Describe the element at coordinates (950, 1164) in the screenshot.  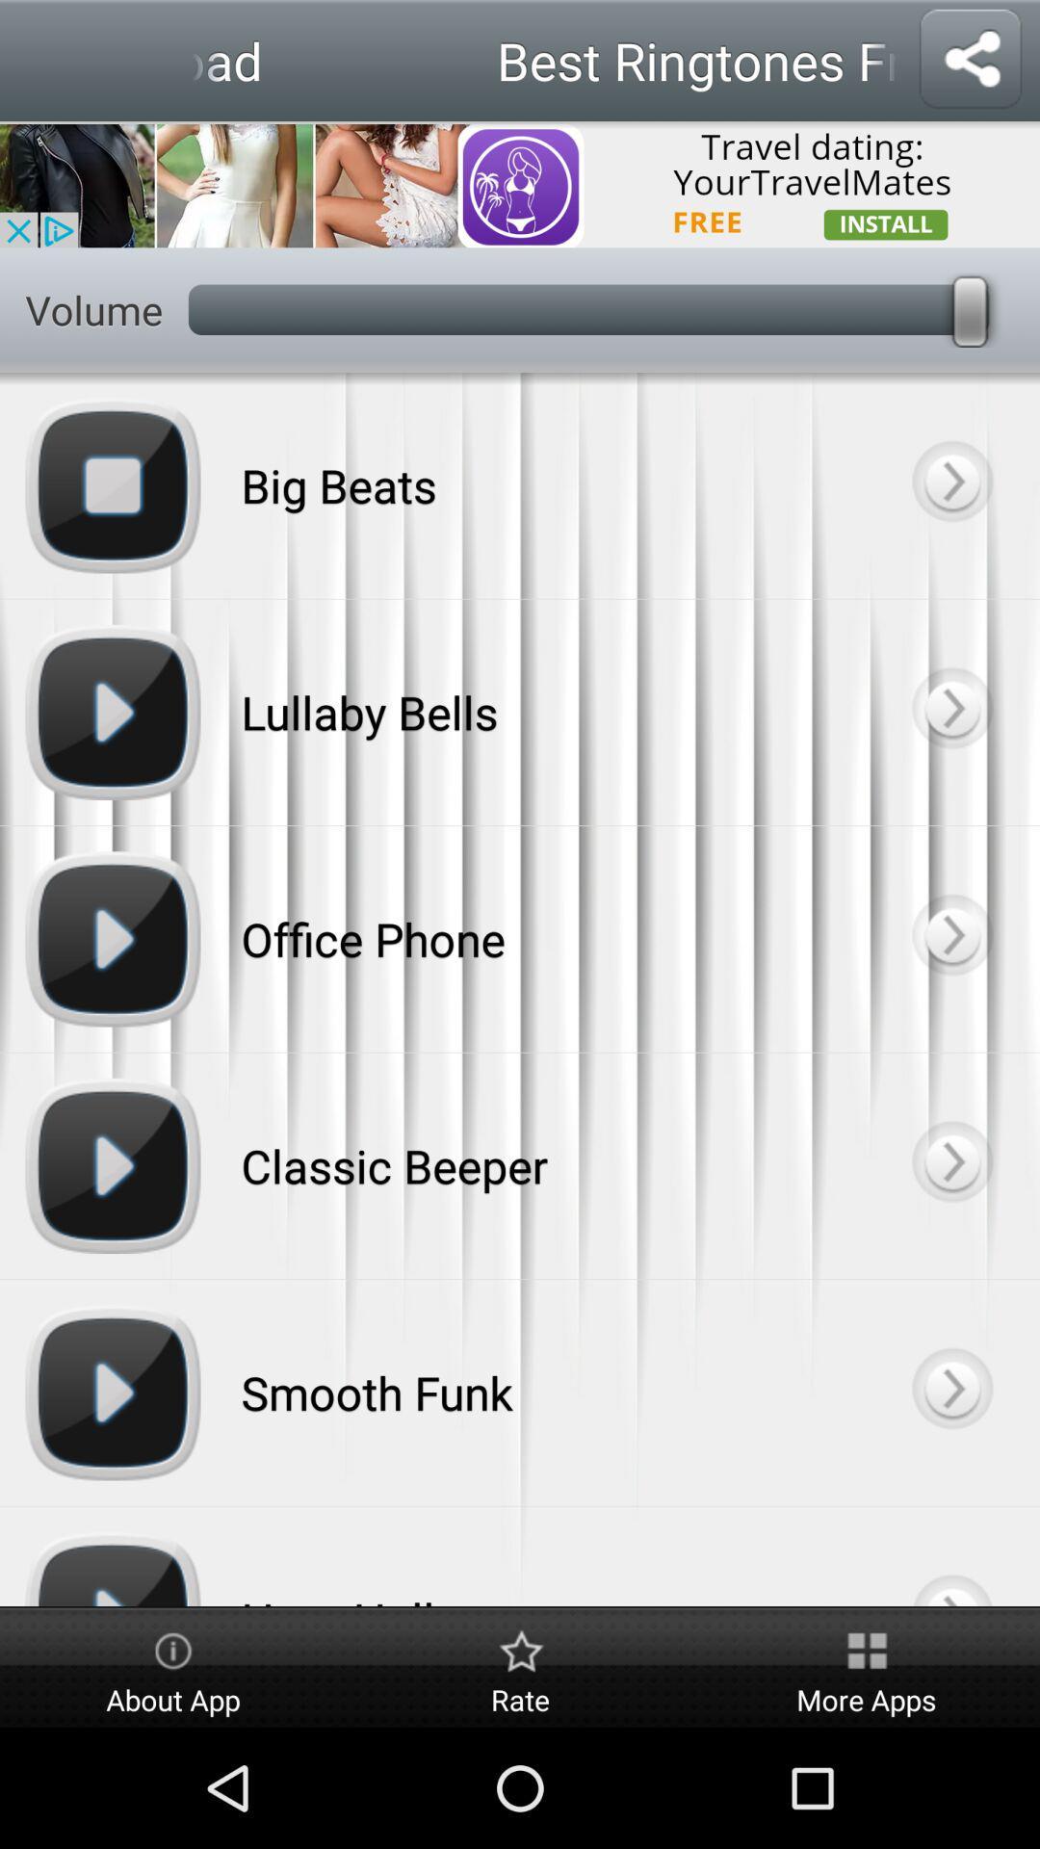
I see `next button` at that location.